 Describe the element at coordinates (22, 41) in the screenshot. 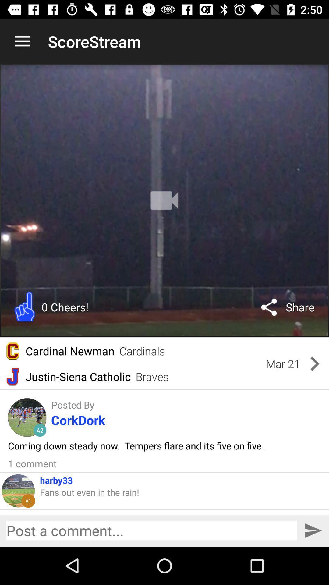

I see `the icon next to the scorestream icon` at that location.